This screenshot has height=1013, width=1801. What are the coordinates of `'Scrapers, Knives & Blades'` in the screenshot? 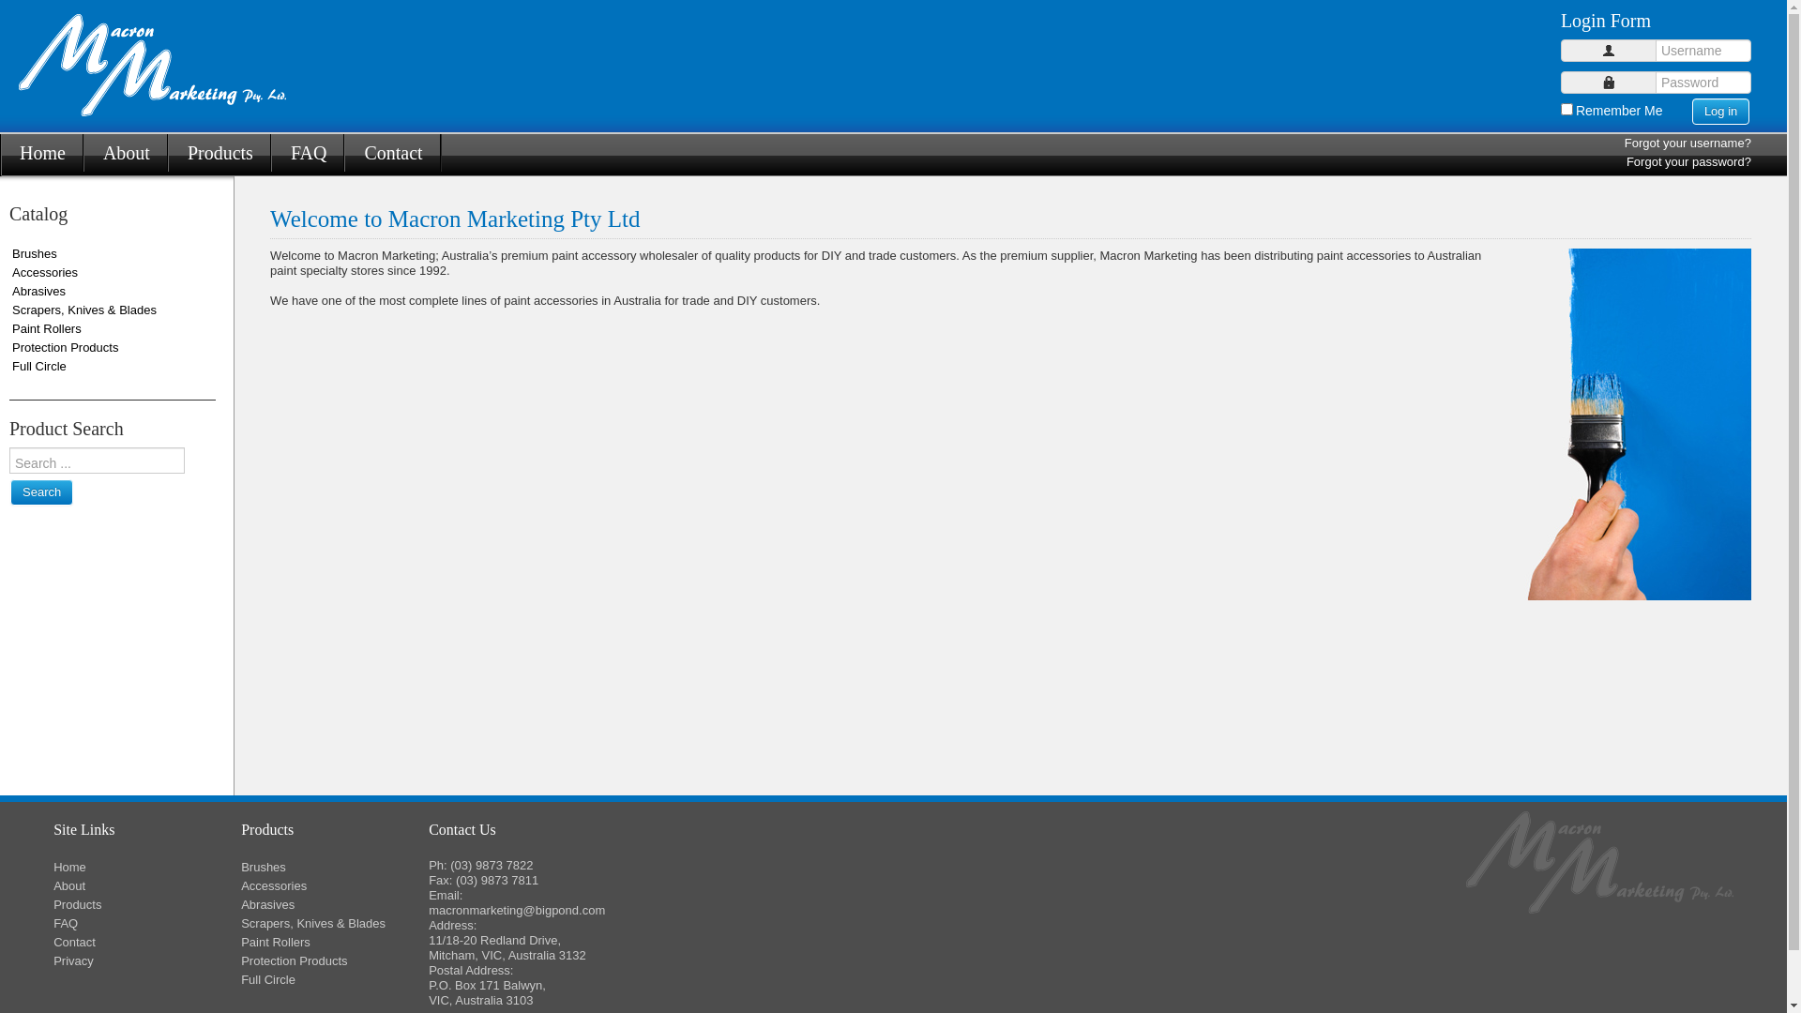 It's located at (334, 922).